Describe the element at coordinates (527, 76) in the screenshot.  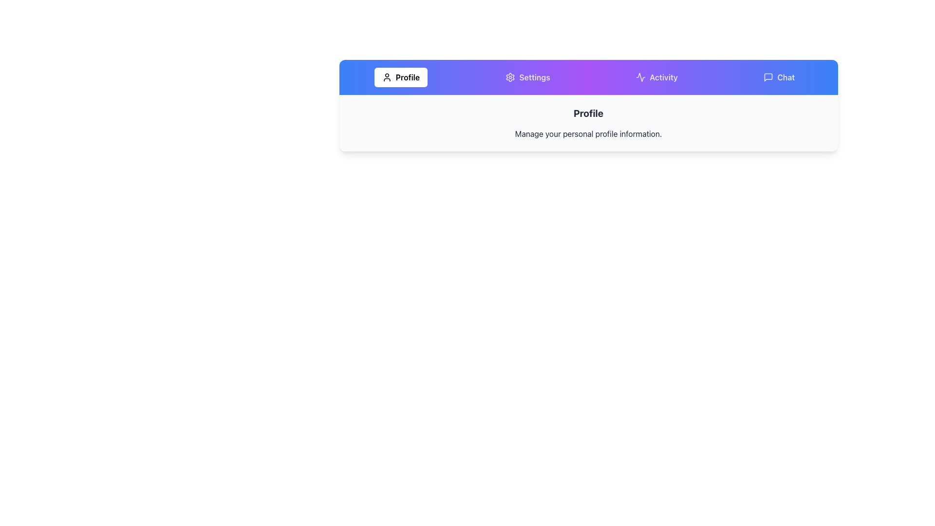
I see `the second button in the horizontal navigation bar` at that location.